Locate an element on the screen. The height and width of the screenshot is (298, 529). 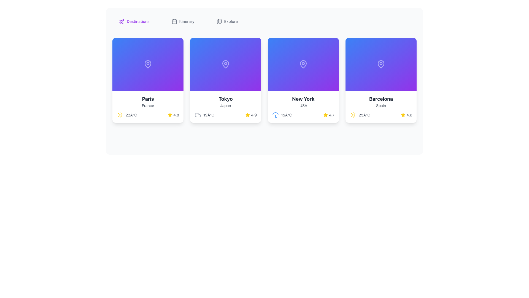
the 'Destinations' navigation tab to possibly reveal additional information is located at coordinates (134, 21).